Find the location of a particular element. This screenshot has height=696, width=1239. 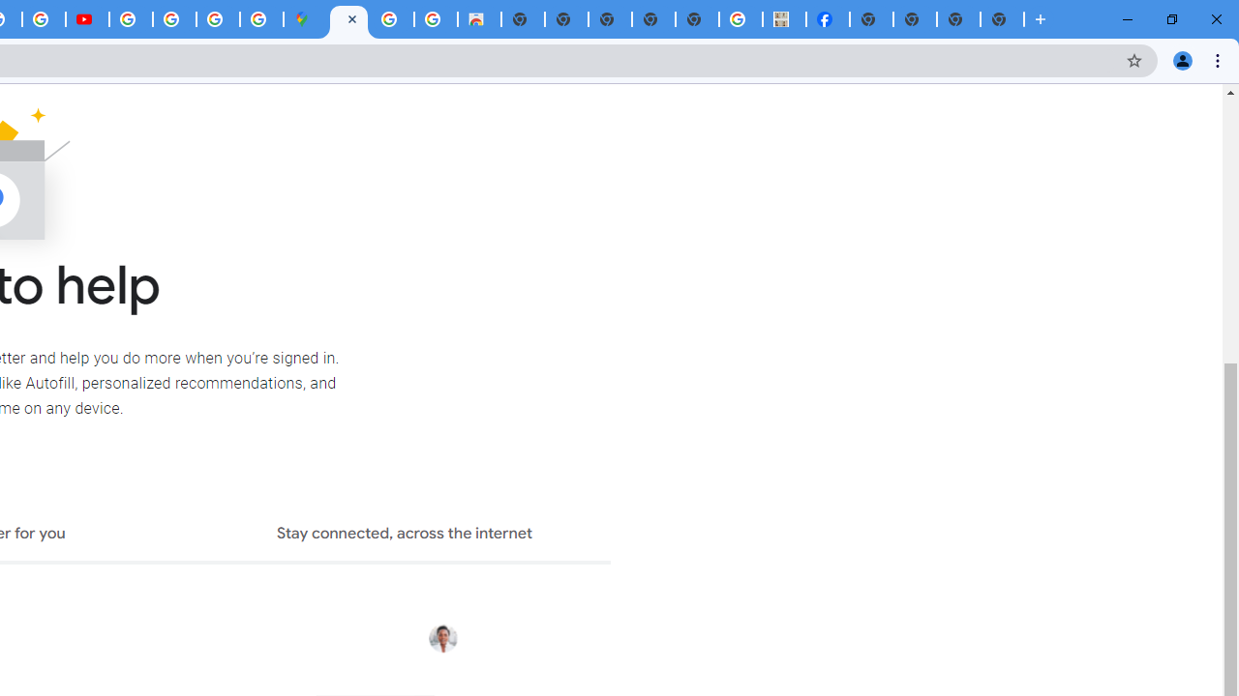

'How Chrome protects your passwords - Google Chrome Help' is located at coordinates (130, 19).